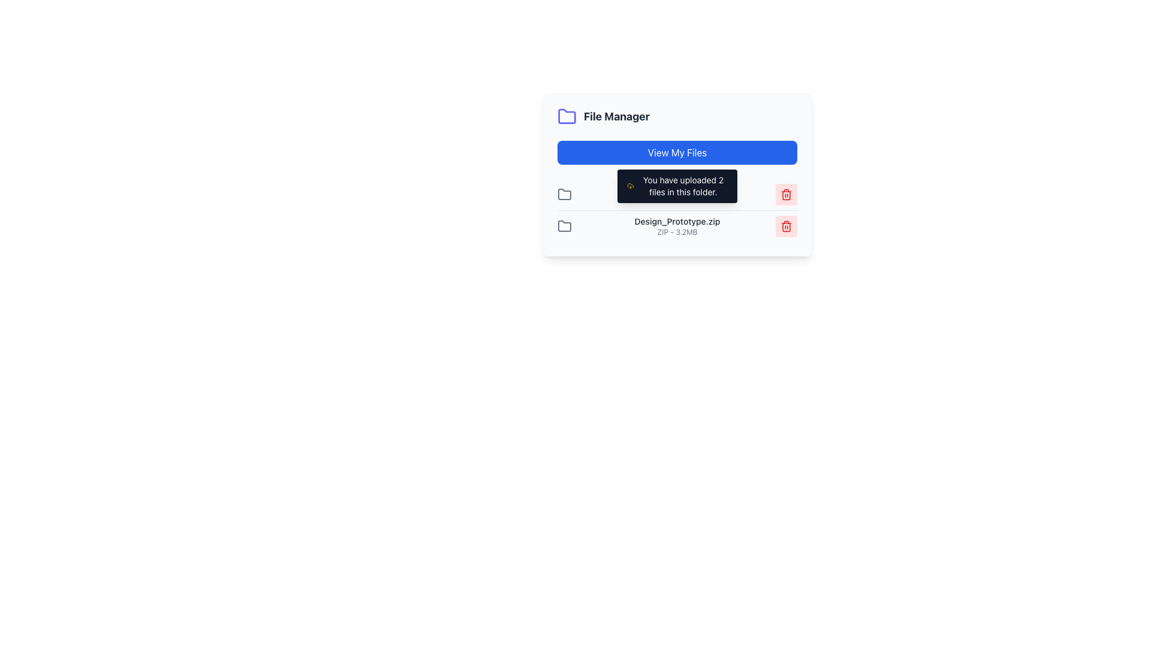 This screenshot has width=1151, height=647. I want to click on the small, square delete button with a pale red background and a trash can icon, located to the far right of the file entry 'Design_Prototype.zip ZIP - 3.2MB', so click(786, 226).